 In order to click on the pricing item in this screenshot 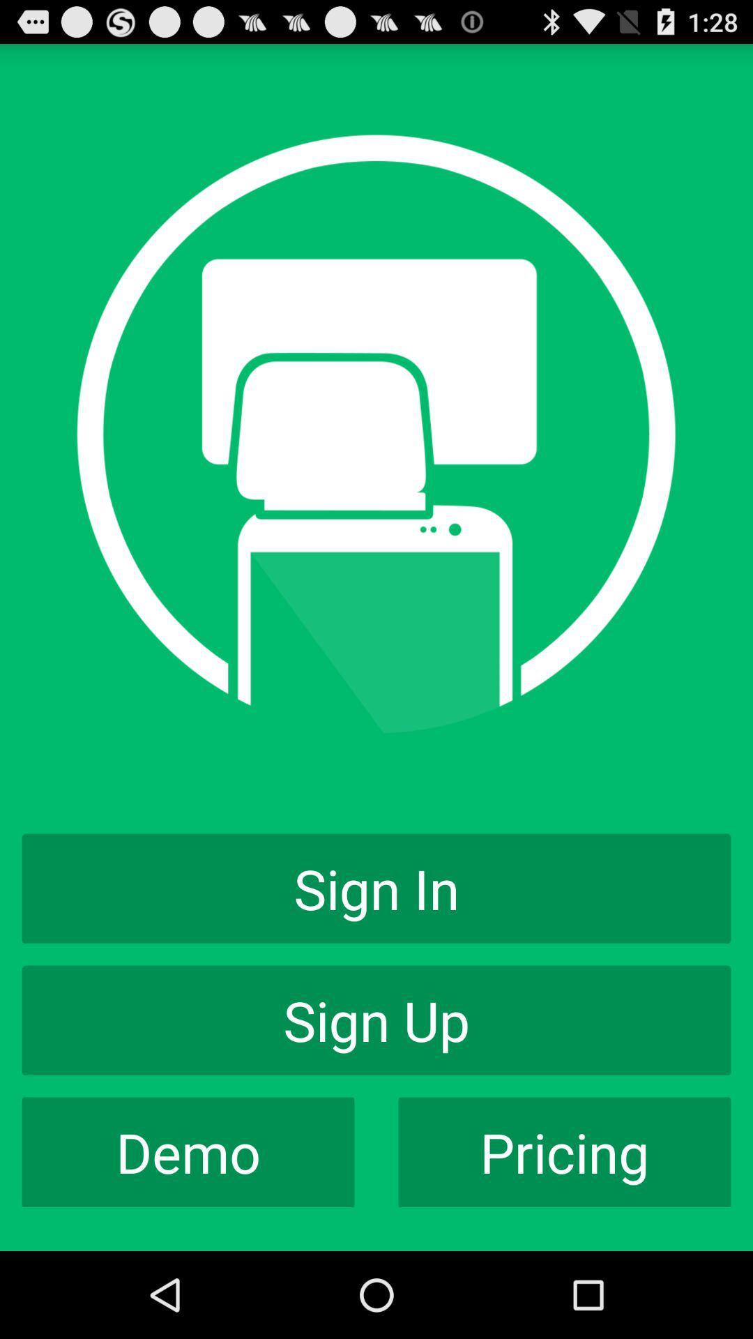, I will do `click(565, 1152)`.